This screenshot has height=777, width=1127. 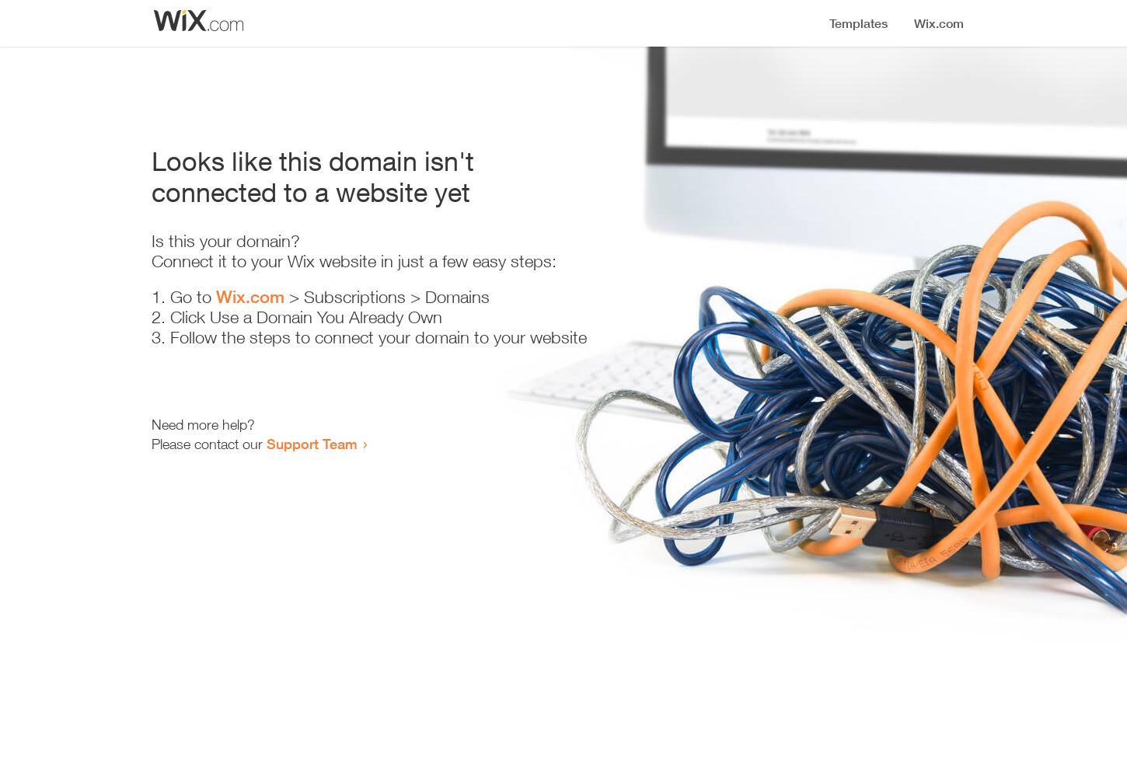 I want to click on 'Click Use a Domain You Already Own', so click(x=169, y=317).